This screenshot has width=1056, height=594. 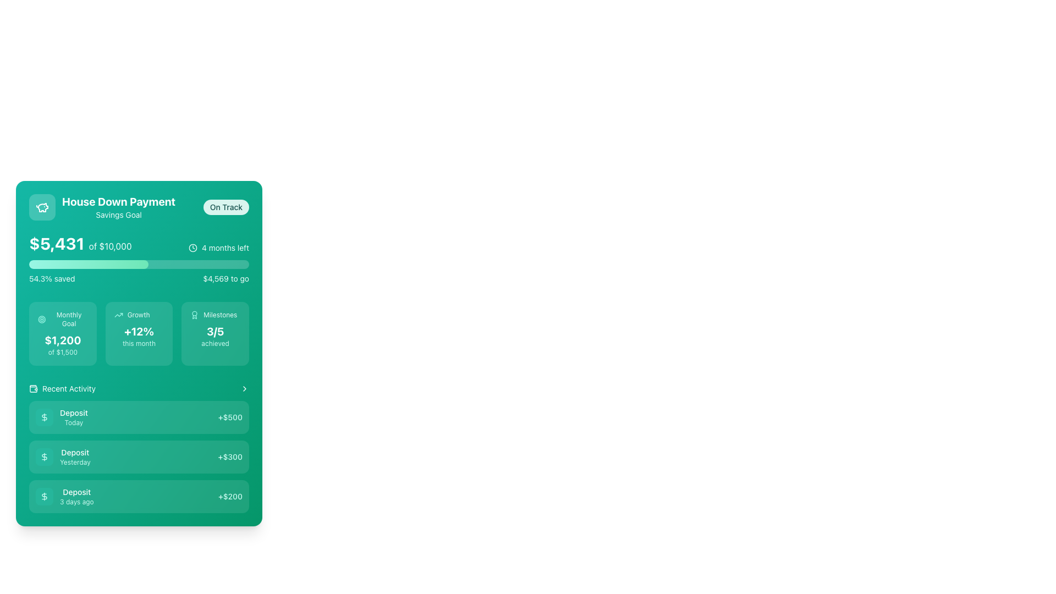 I want to click on the second card in the row of three cards, positioned below the progress bar and above the 'Recent Activity' section in the 'House Down Payment' panel, so click(x=139, y=333).